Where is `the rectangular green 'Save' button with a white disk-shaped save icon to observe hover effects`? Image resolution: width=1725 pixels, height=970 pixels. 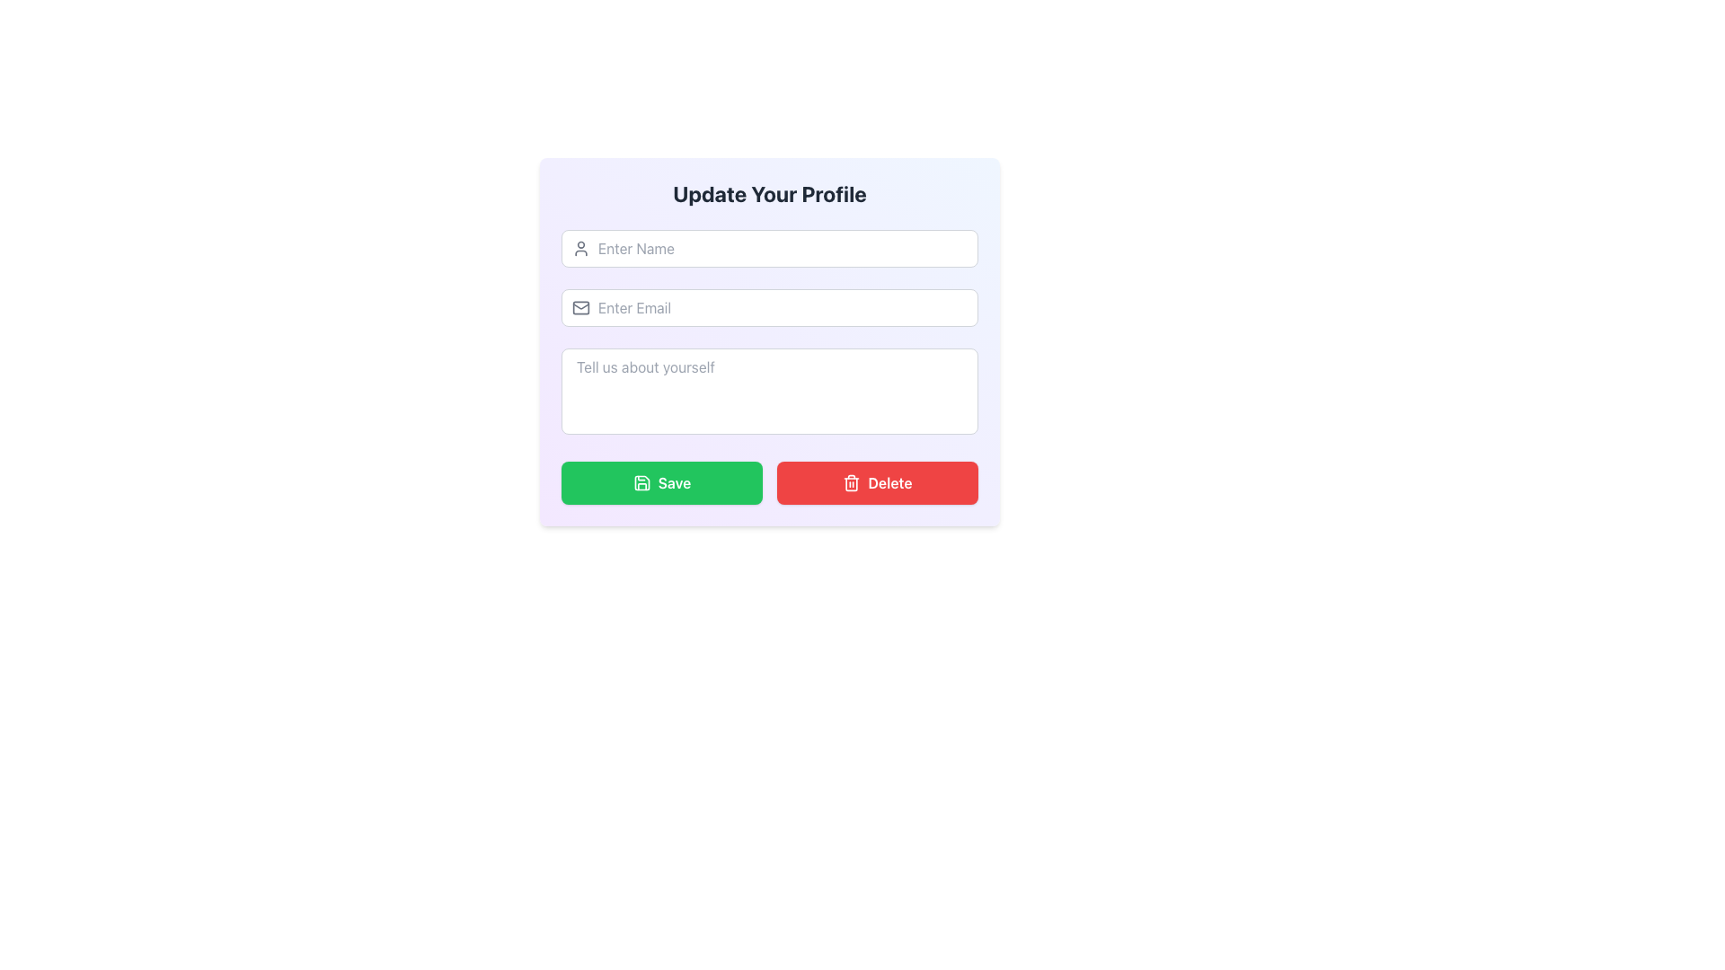
the rectangular green 'Save' button with a white disk-shaped save icon to observe hover effects is located at coordinates (661, 481).